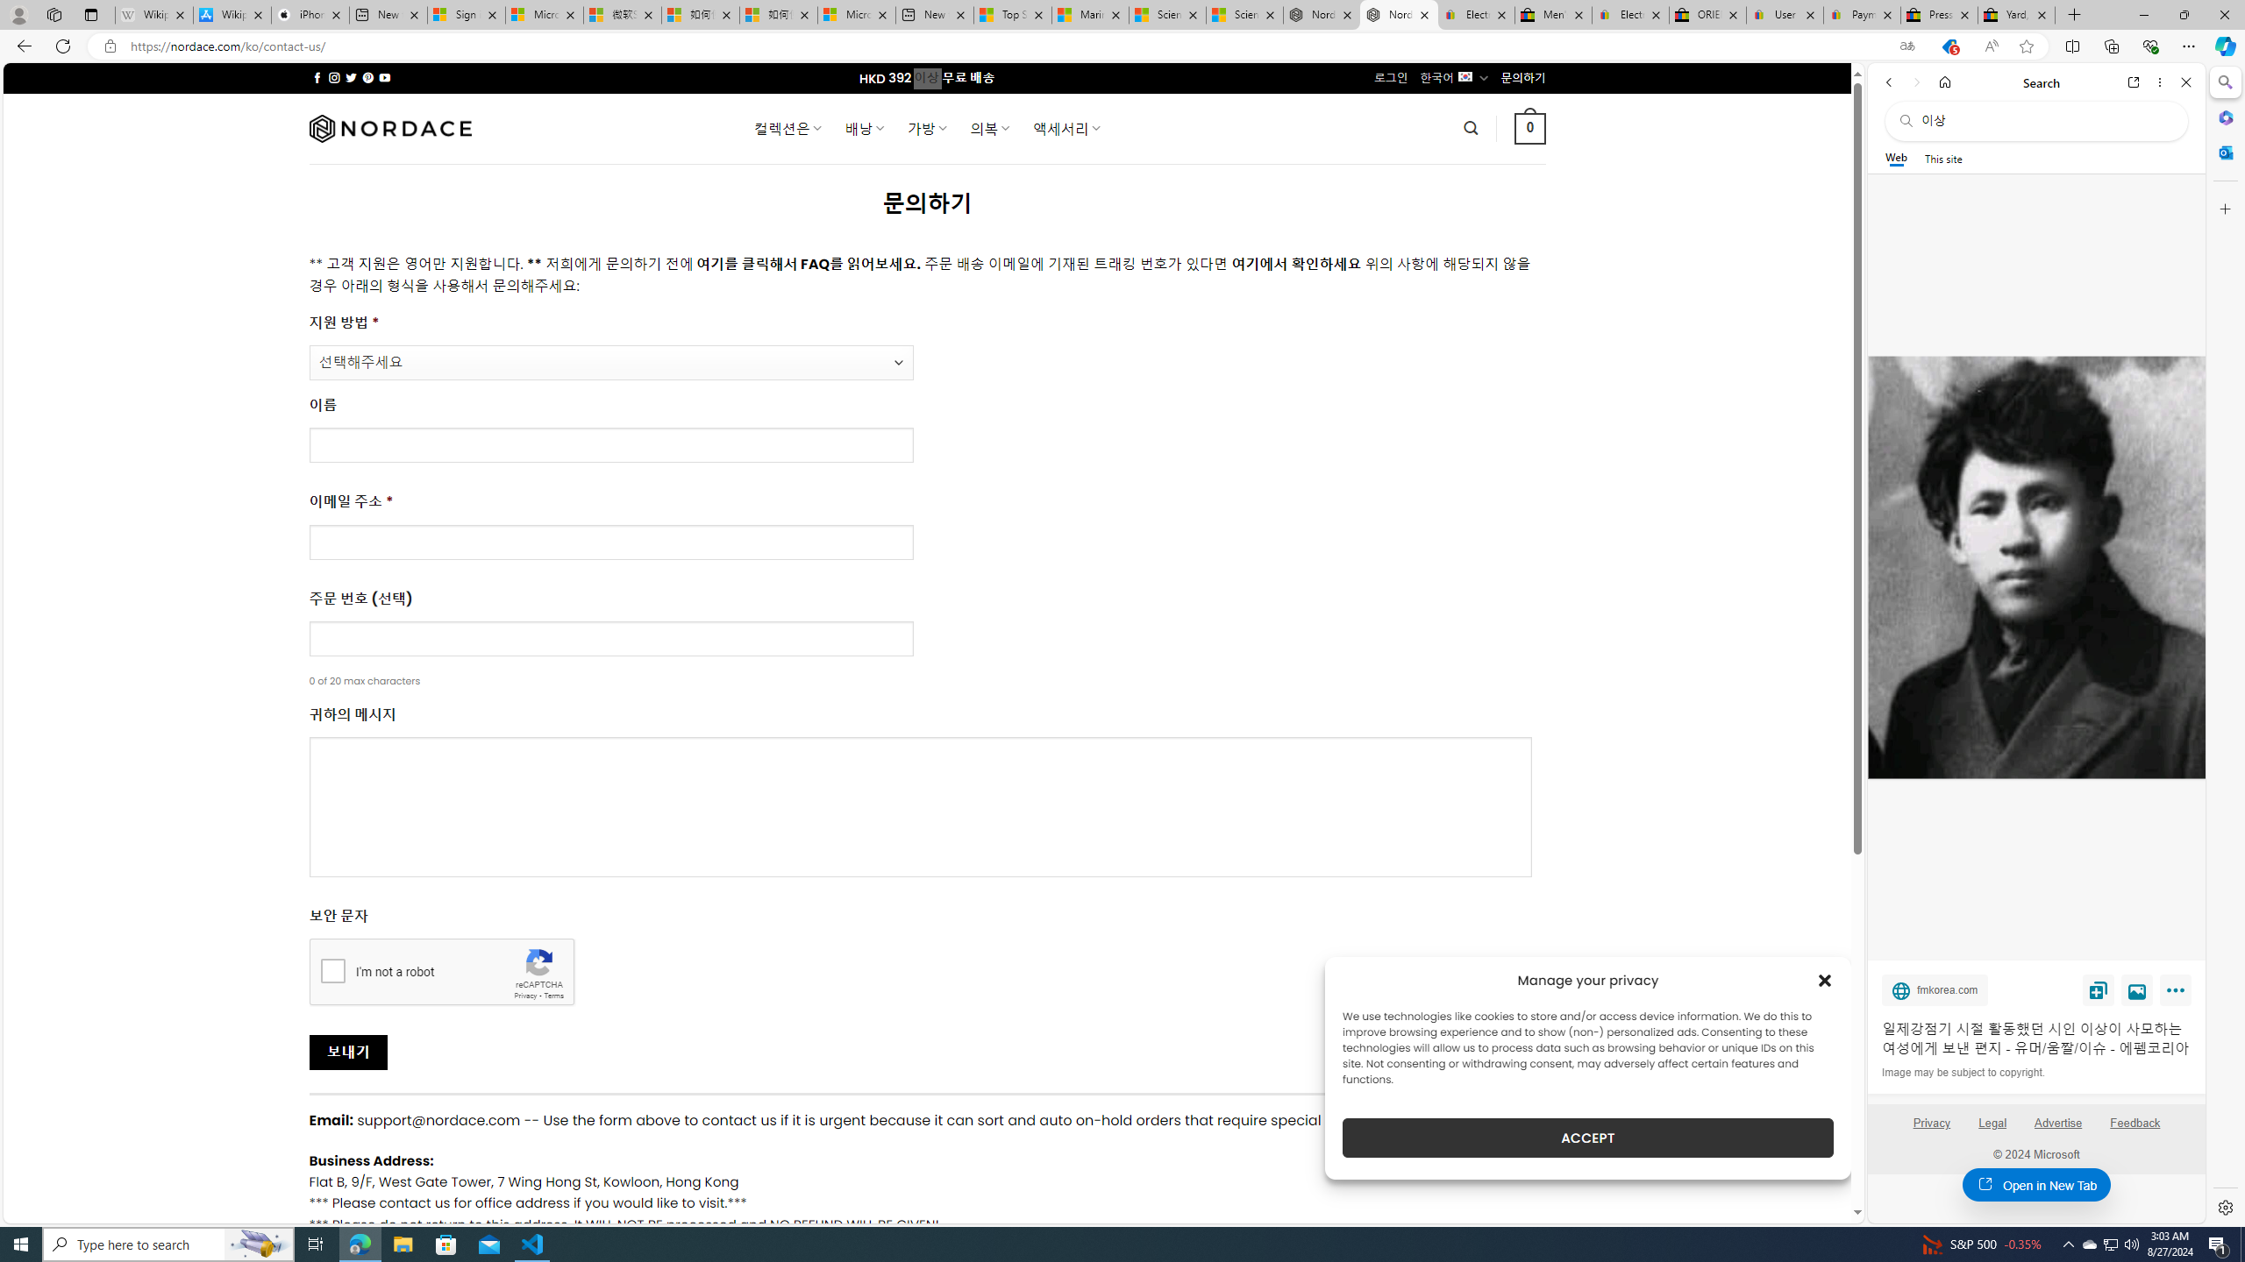 The width and height of the screenshot is (2245, 1262). What do you see at coordinates (385, 77) in the screenshot?
I see `'Follow on YouTube'` at bounding box center [385, 77].